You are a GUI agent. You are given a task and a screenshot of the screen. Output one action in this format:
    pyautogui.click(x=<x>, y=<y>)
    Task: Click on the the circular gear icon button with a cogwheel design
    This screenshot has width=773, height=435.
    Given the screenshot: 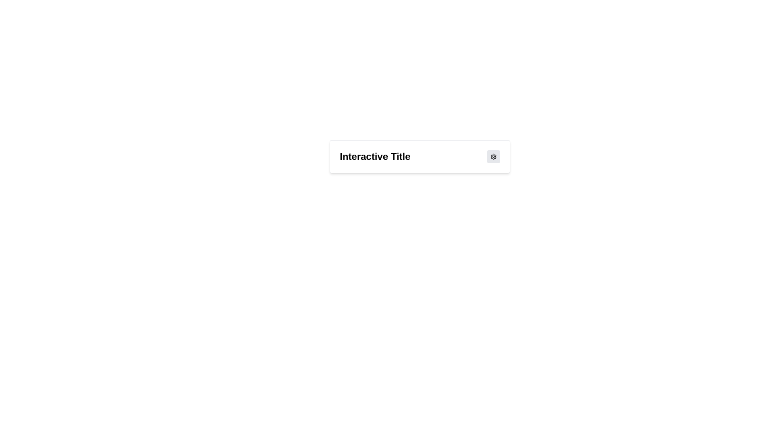 What is the action you would take?
    pyautogui.click(x=493, y=157)
    